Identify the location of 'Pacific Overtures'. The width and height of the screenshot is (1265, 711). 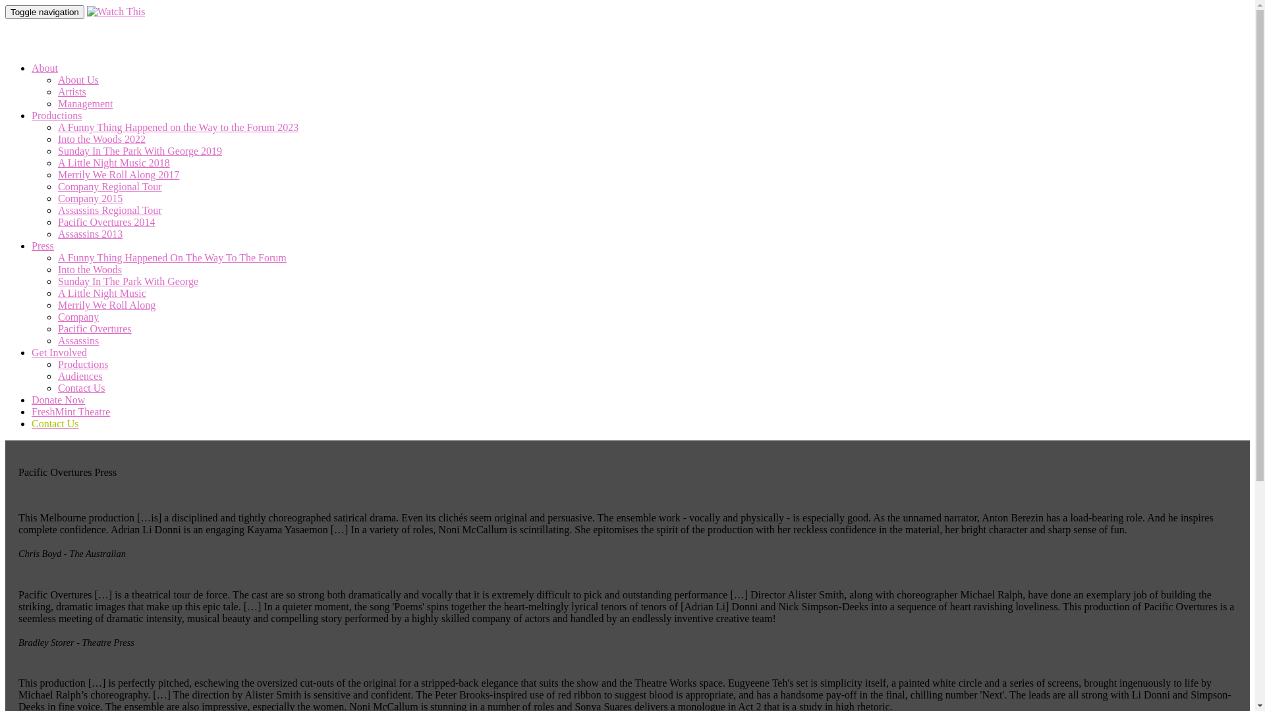
(94, 328).